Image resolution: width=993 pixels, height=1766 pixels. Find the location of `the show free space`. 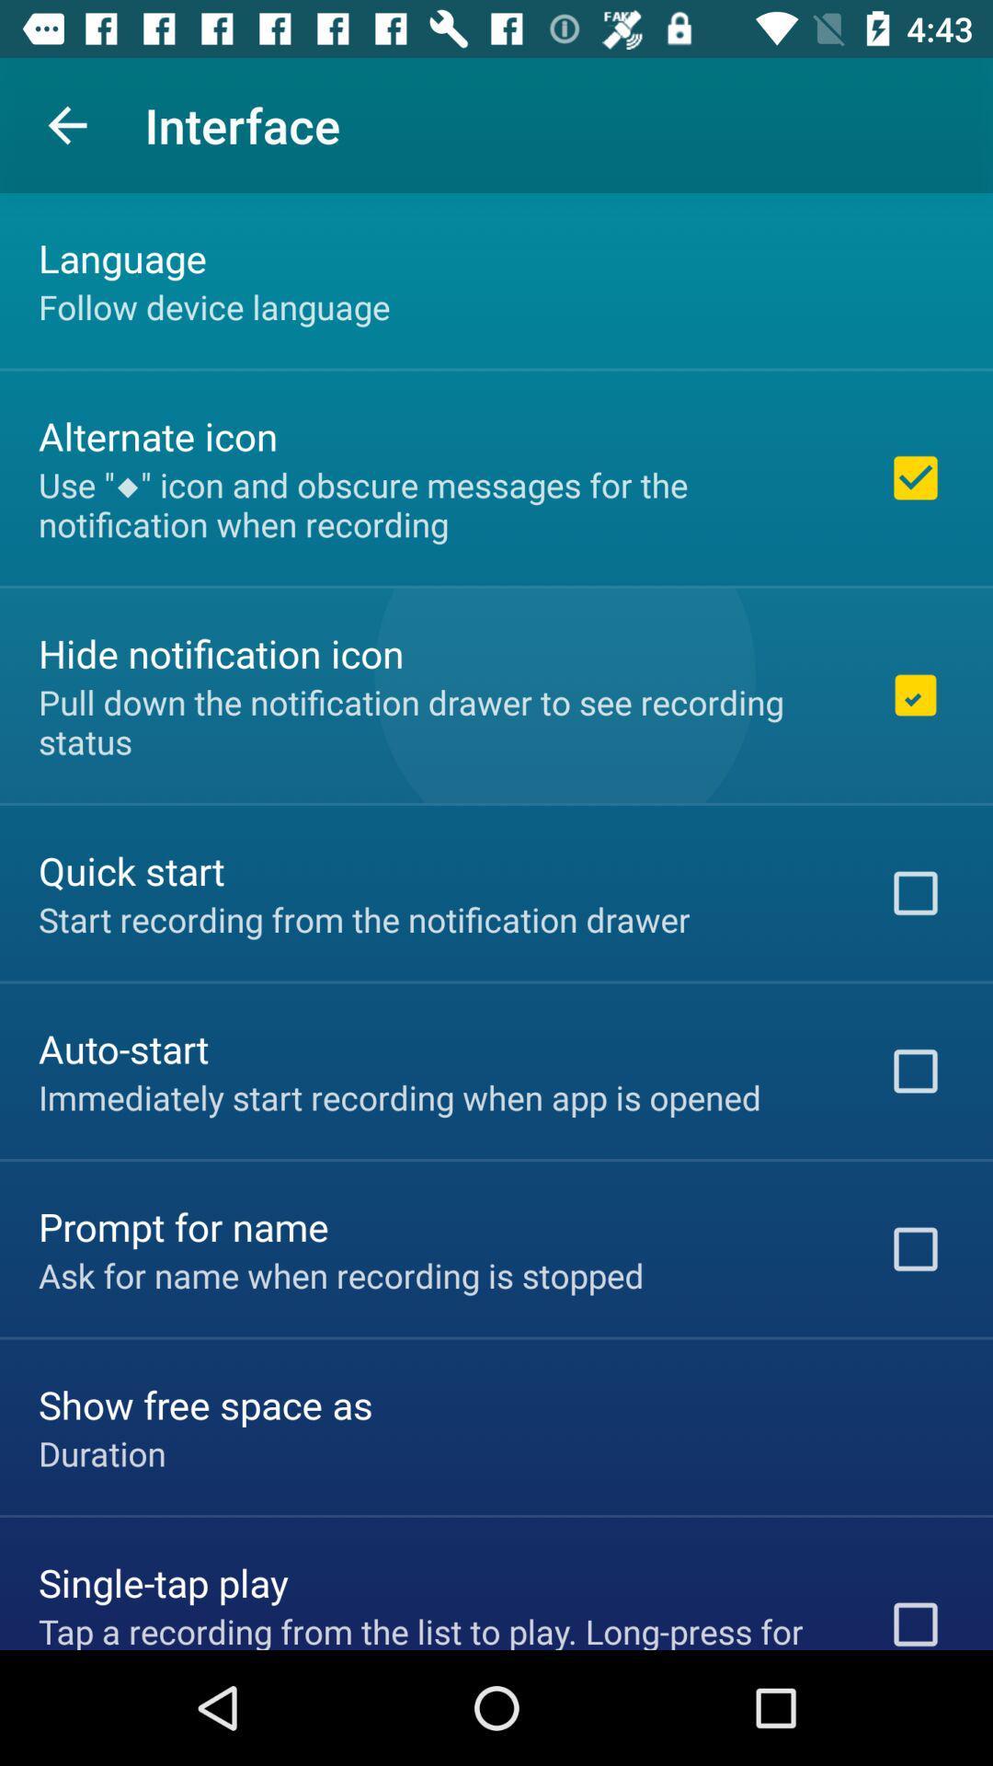

the show free space is located at coordinates (205, 1403).